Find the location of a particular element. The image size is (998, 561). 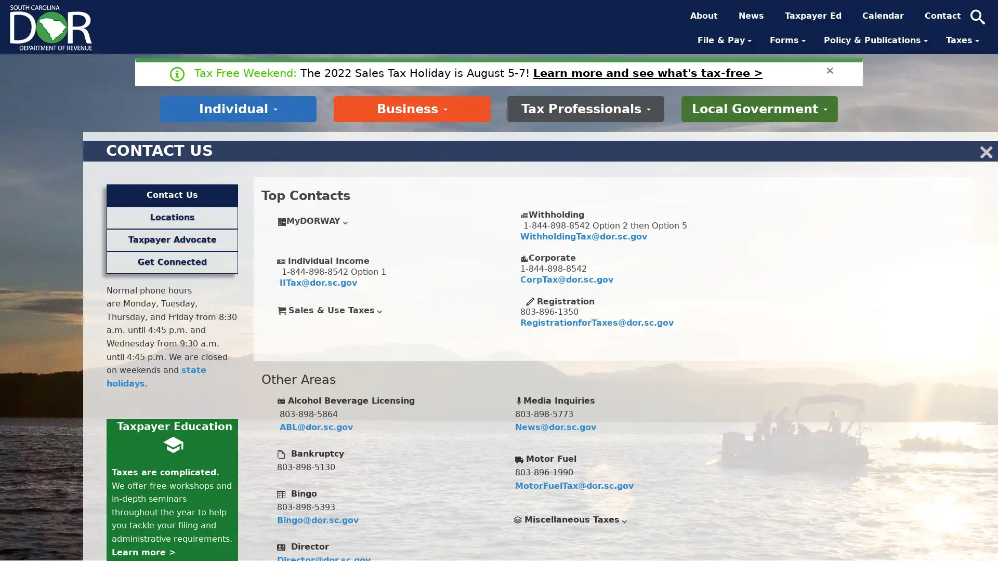

Business is located at coordinates (411, 108).